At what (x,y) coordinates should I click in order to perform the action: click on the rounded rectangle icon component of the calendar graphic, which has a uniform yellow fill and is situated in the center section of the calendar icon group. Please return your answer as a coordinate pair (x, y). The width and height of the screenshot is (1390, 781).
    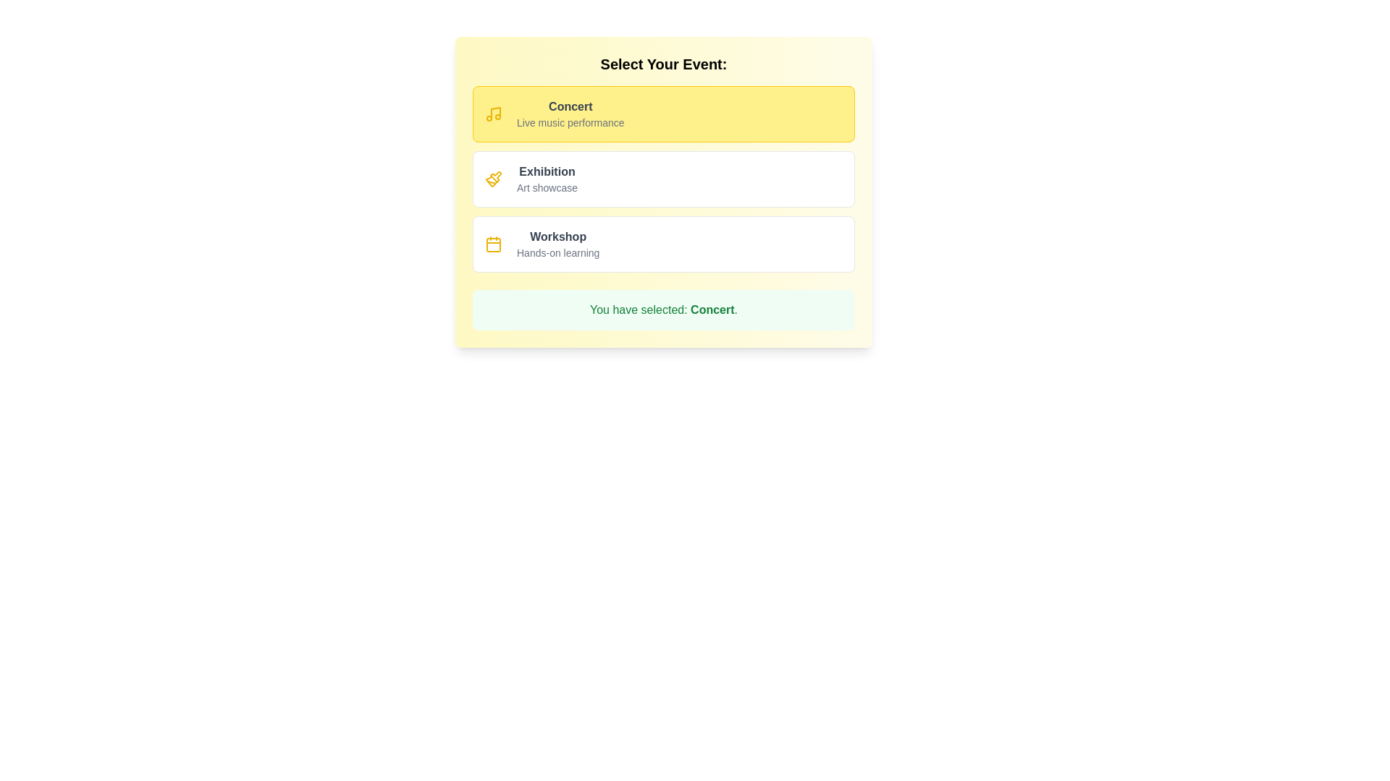
    Looking at the image, I should click on (493, 244).